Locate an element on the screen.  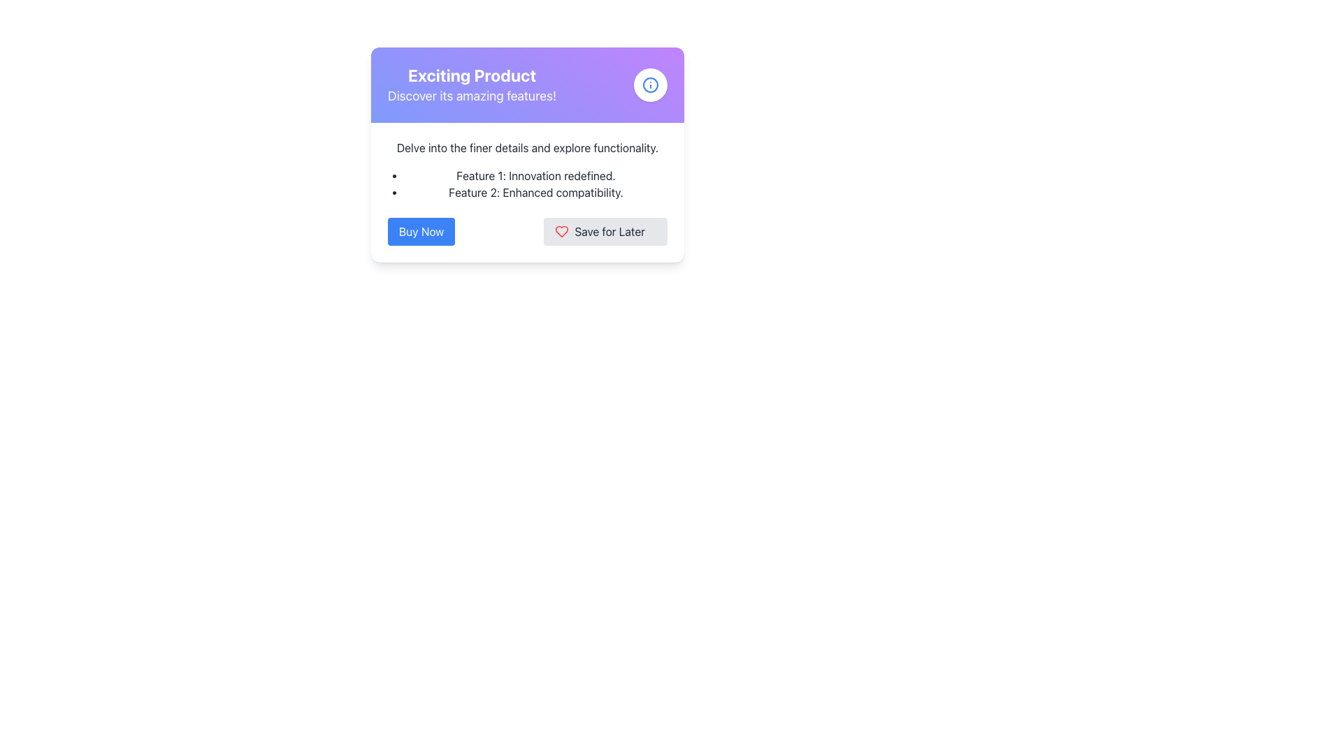
the informational button located at the top-right corner of the 'Exciting Product' section is located at coordinates (650, 85).